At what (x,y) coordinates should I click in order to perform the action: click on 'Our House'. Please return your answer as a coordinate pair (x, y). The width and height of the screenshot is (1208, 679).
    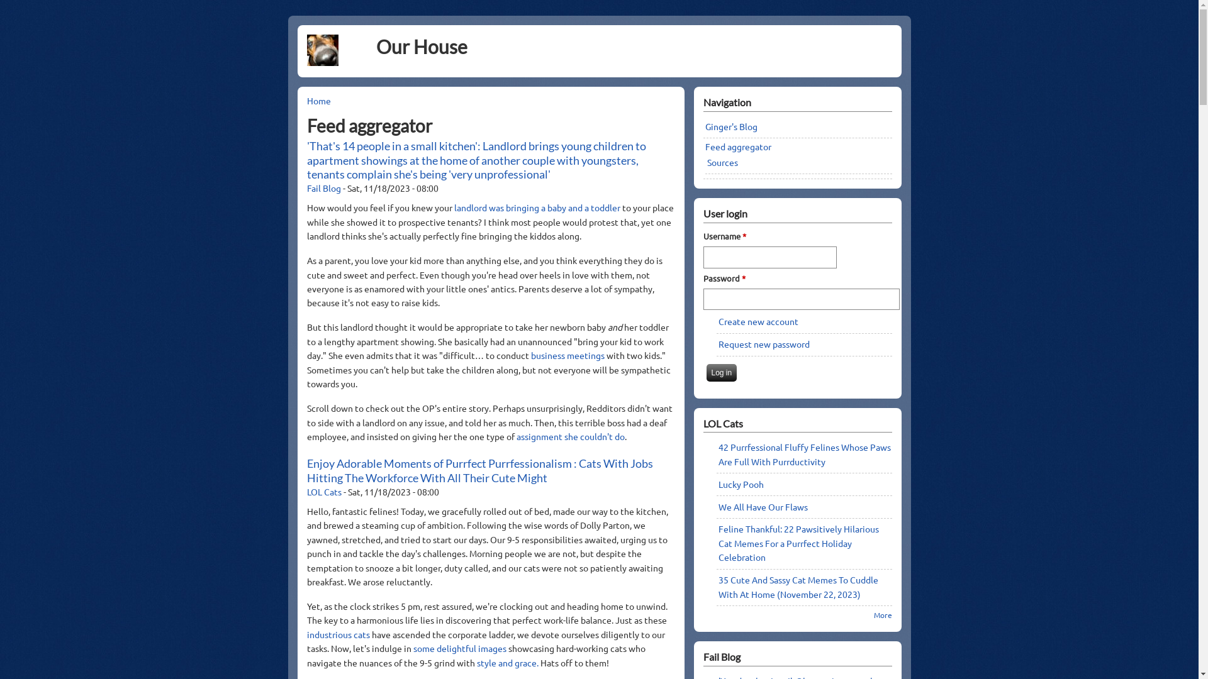
    Looking at the image, I should click on (376, 45).